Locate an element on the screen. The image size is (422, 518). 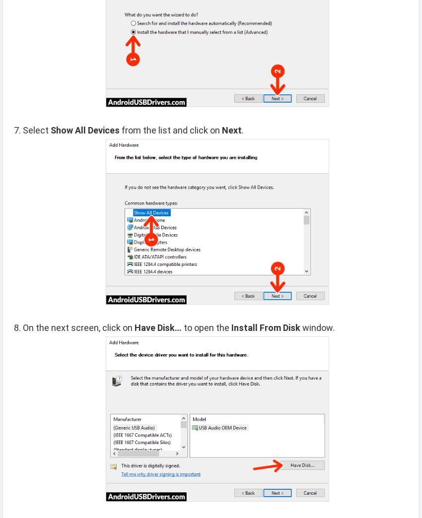
'.' is located at coordinates (241, 129).